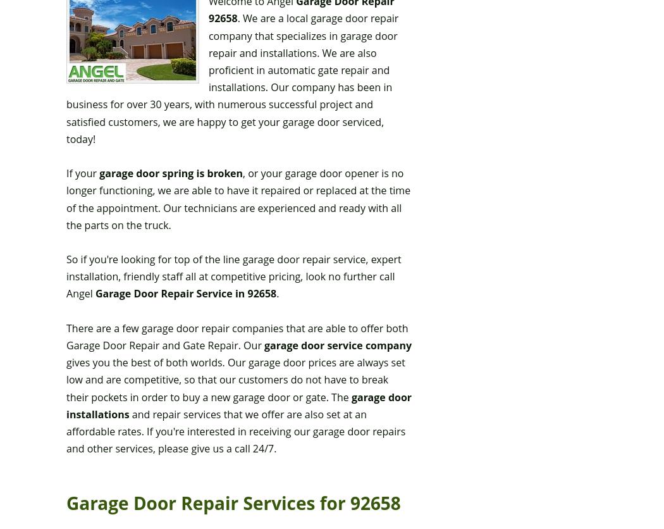 The height and width of the screenshot is (529, 664). What do you see at coordinates (235, 378) in the screenshot?
I see `'gives you the best of both worlds. Our garage door prices are always set low and are competitive, so that our customers do not have to break their pockets in order to buy a new garage door or gate. The'` at bounding box center [235, 378].